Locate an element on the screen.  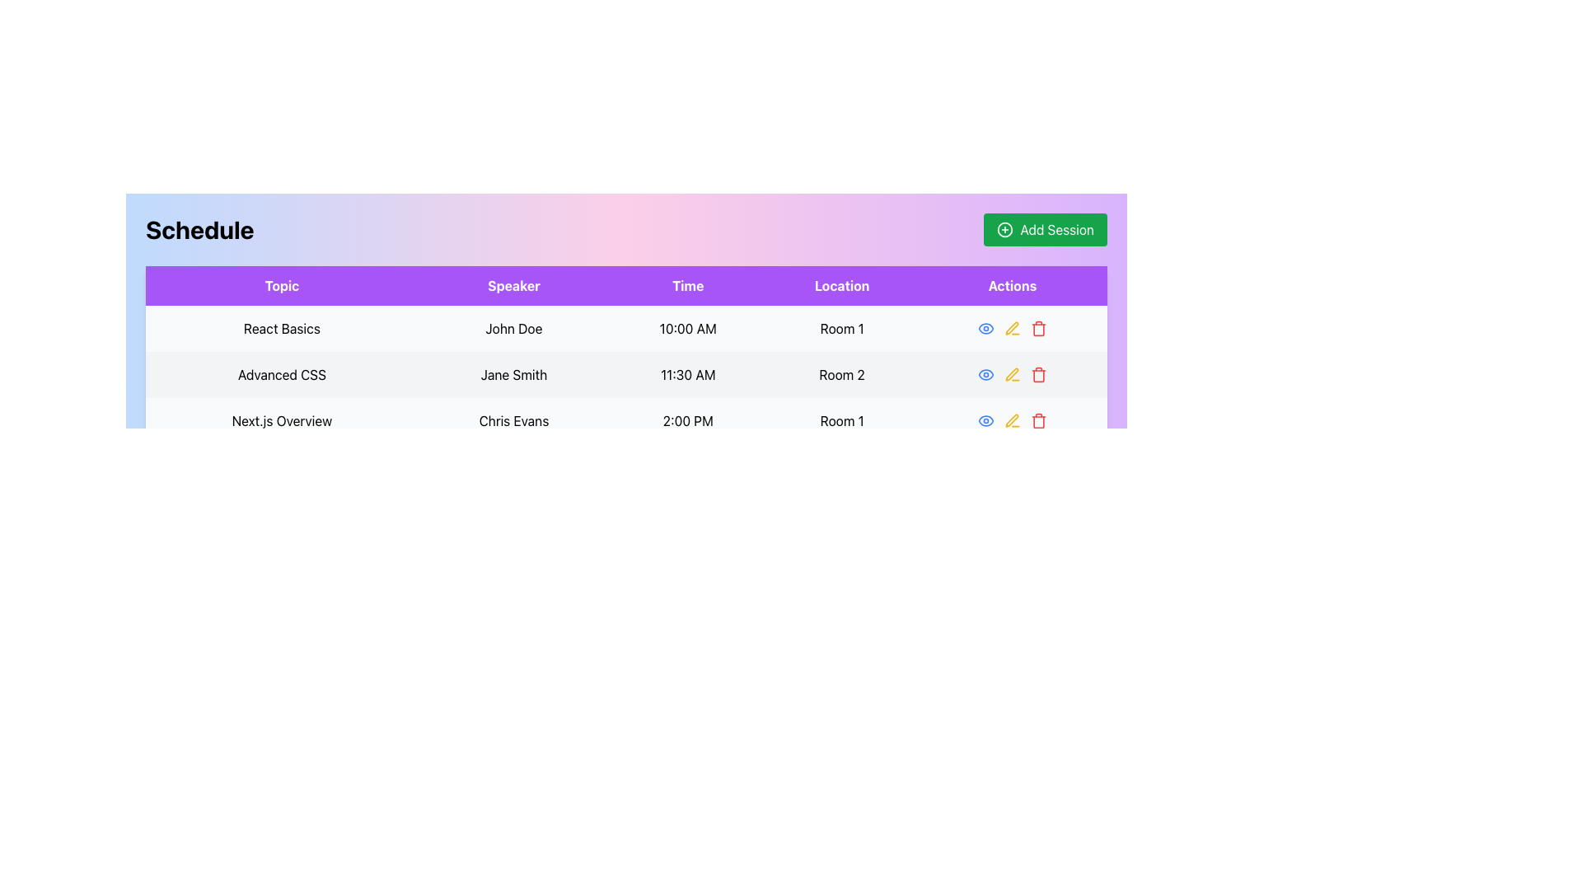
information displayed in the table row for the session titled 'Advanced CSS' presented by 'Jane Smith' at '11:30 AM' in 'Room 2' is located at coordinates (625, 375).